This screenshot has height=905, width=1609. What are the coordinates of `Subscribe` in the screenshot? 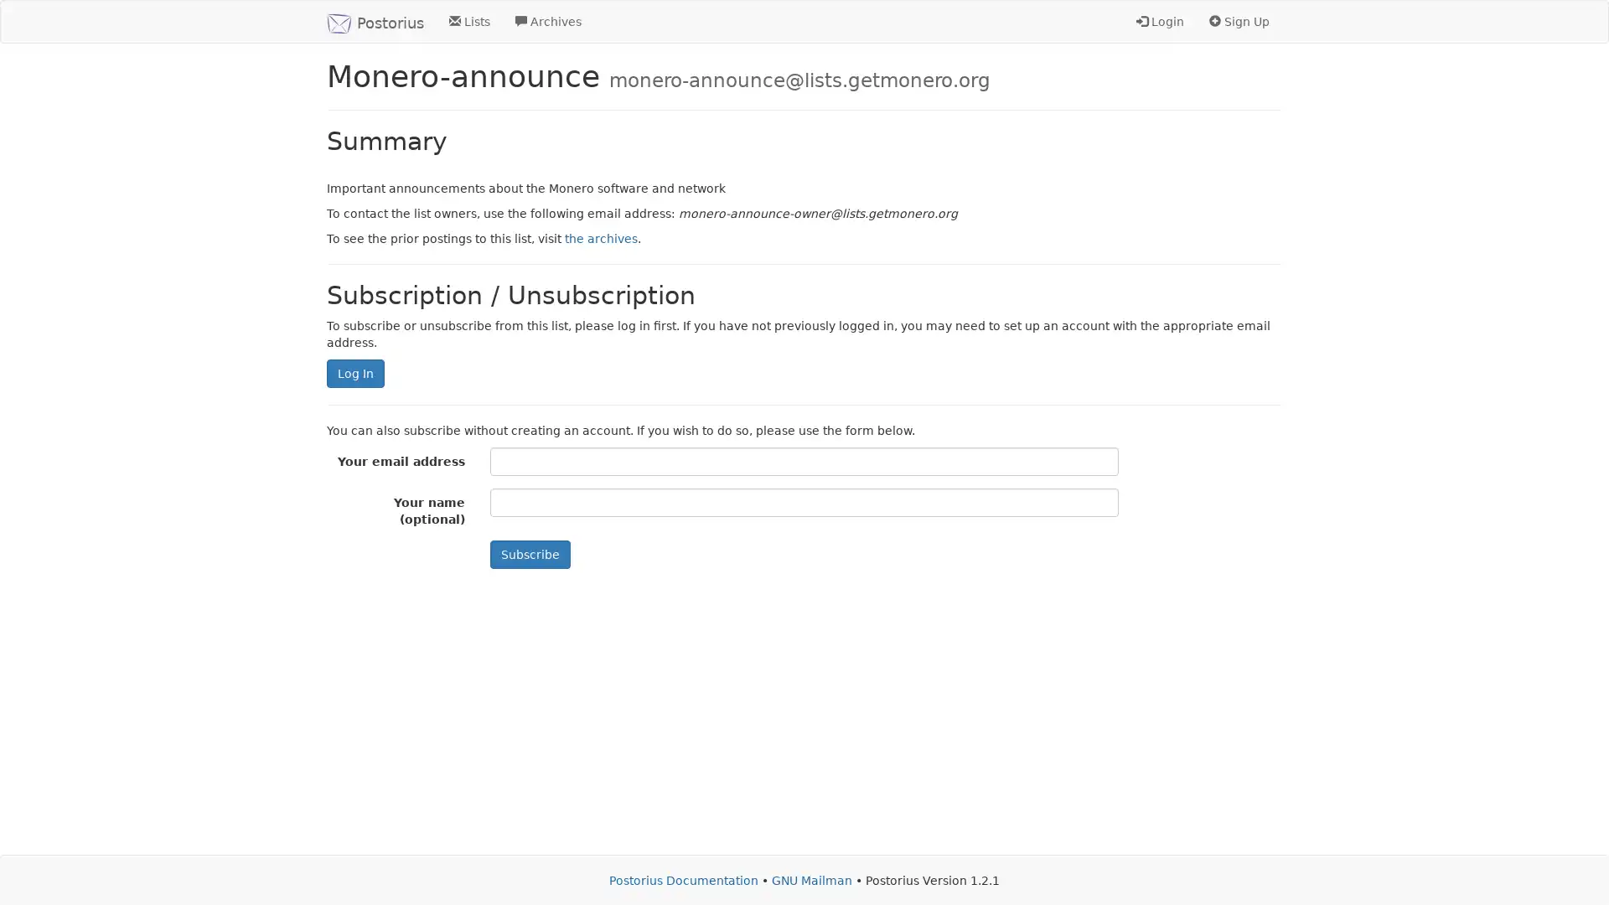 It's located at (530, 553).